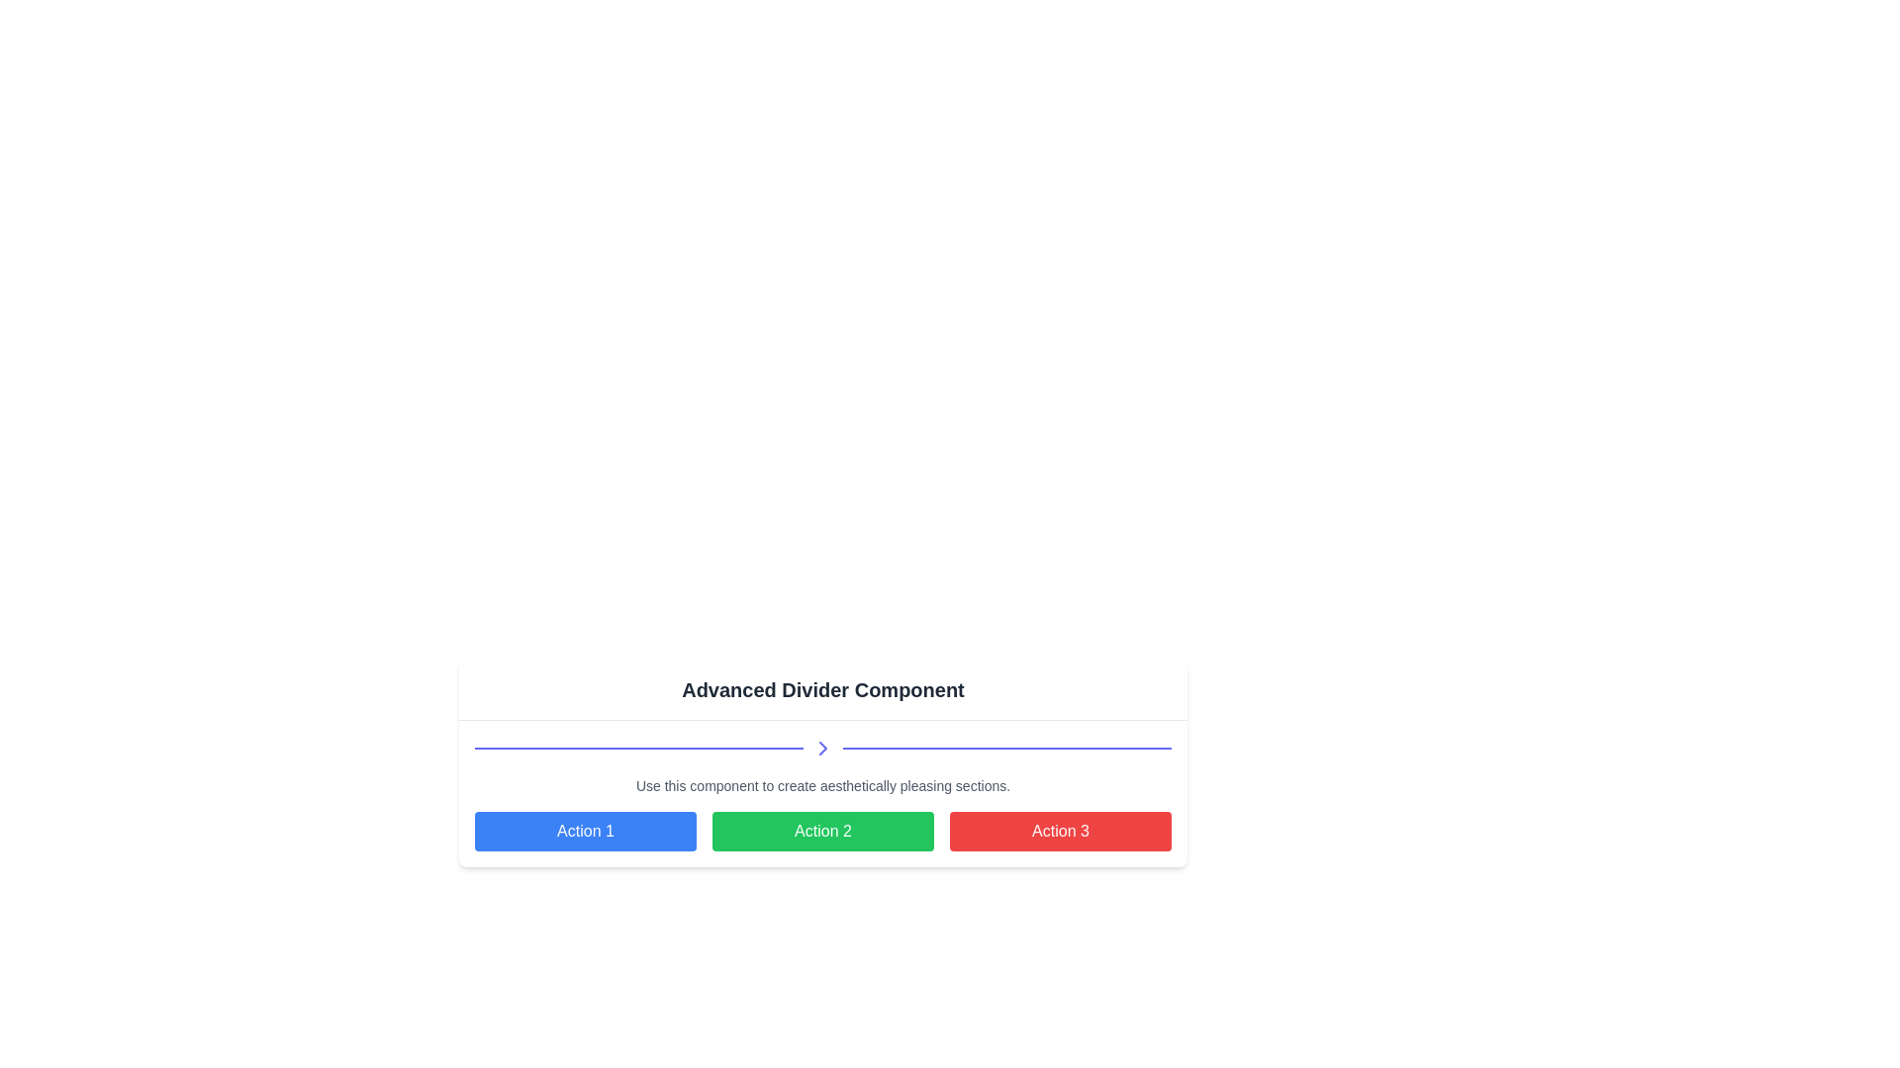 The image size is (1900, 1068). Describe the element at coordinates (1059, 831) in the screenshot. I see `the bright red button labeled 'Action 3' to observe its visual hover effect` at that location.